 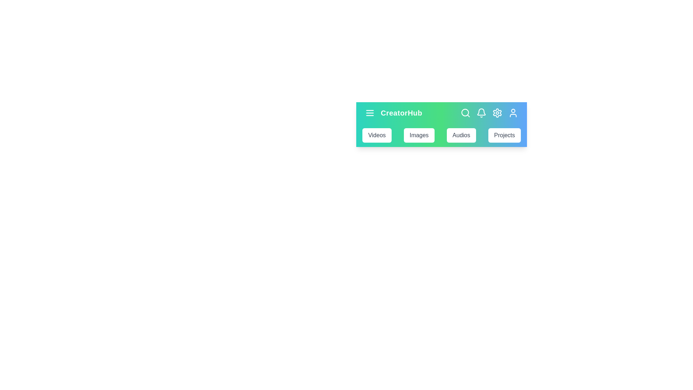 I want to click on the Projects button to navigate to the respective section, so click(x=504, y=135).